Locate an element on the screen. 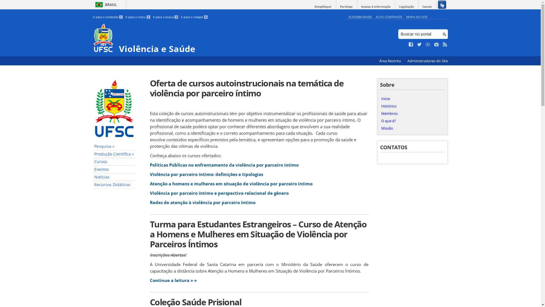 The image size is (545, 307). 'Siga no Twitter' is located at coordinates (420, 44).